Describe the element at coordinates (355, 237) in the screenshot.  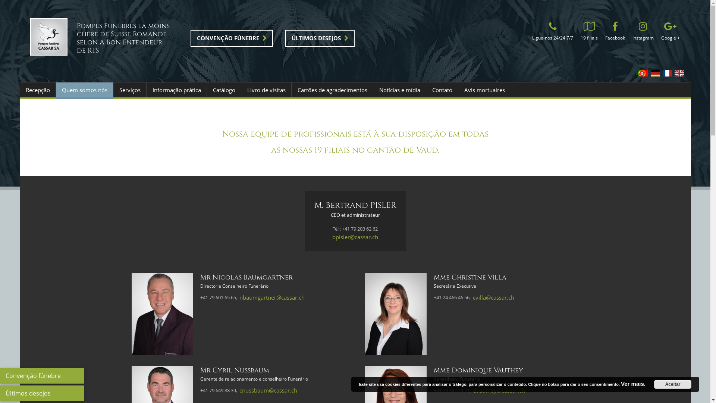
I see `'bpisler@cassar.ch'` at that location.